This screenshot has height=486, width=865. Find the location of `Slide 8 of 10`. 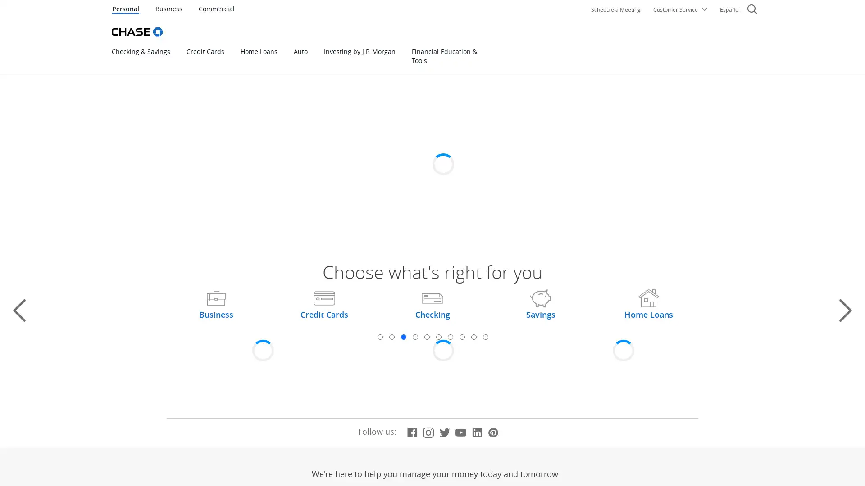

Slide 8 of 10 is located at coordinates (462, 337).